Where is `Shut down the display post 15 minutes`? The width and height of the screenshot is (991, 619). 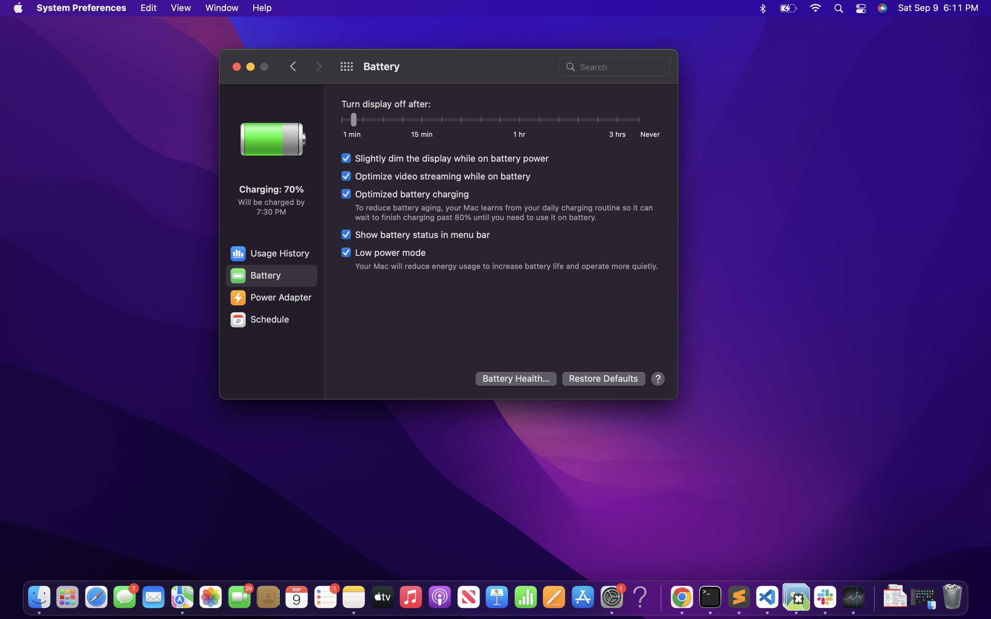
Shut down the display post 15 minutes is located at coordinates (422, 121).